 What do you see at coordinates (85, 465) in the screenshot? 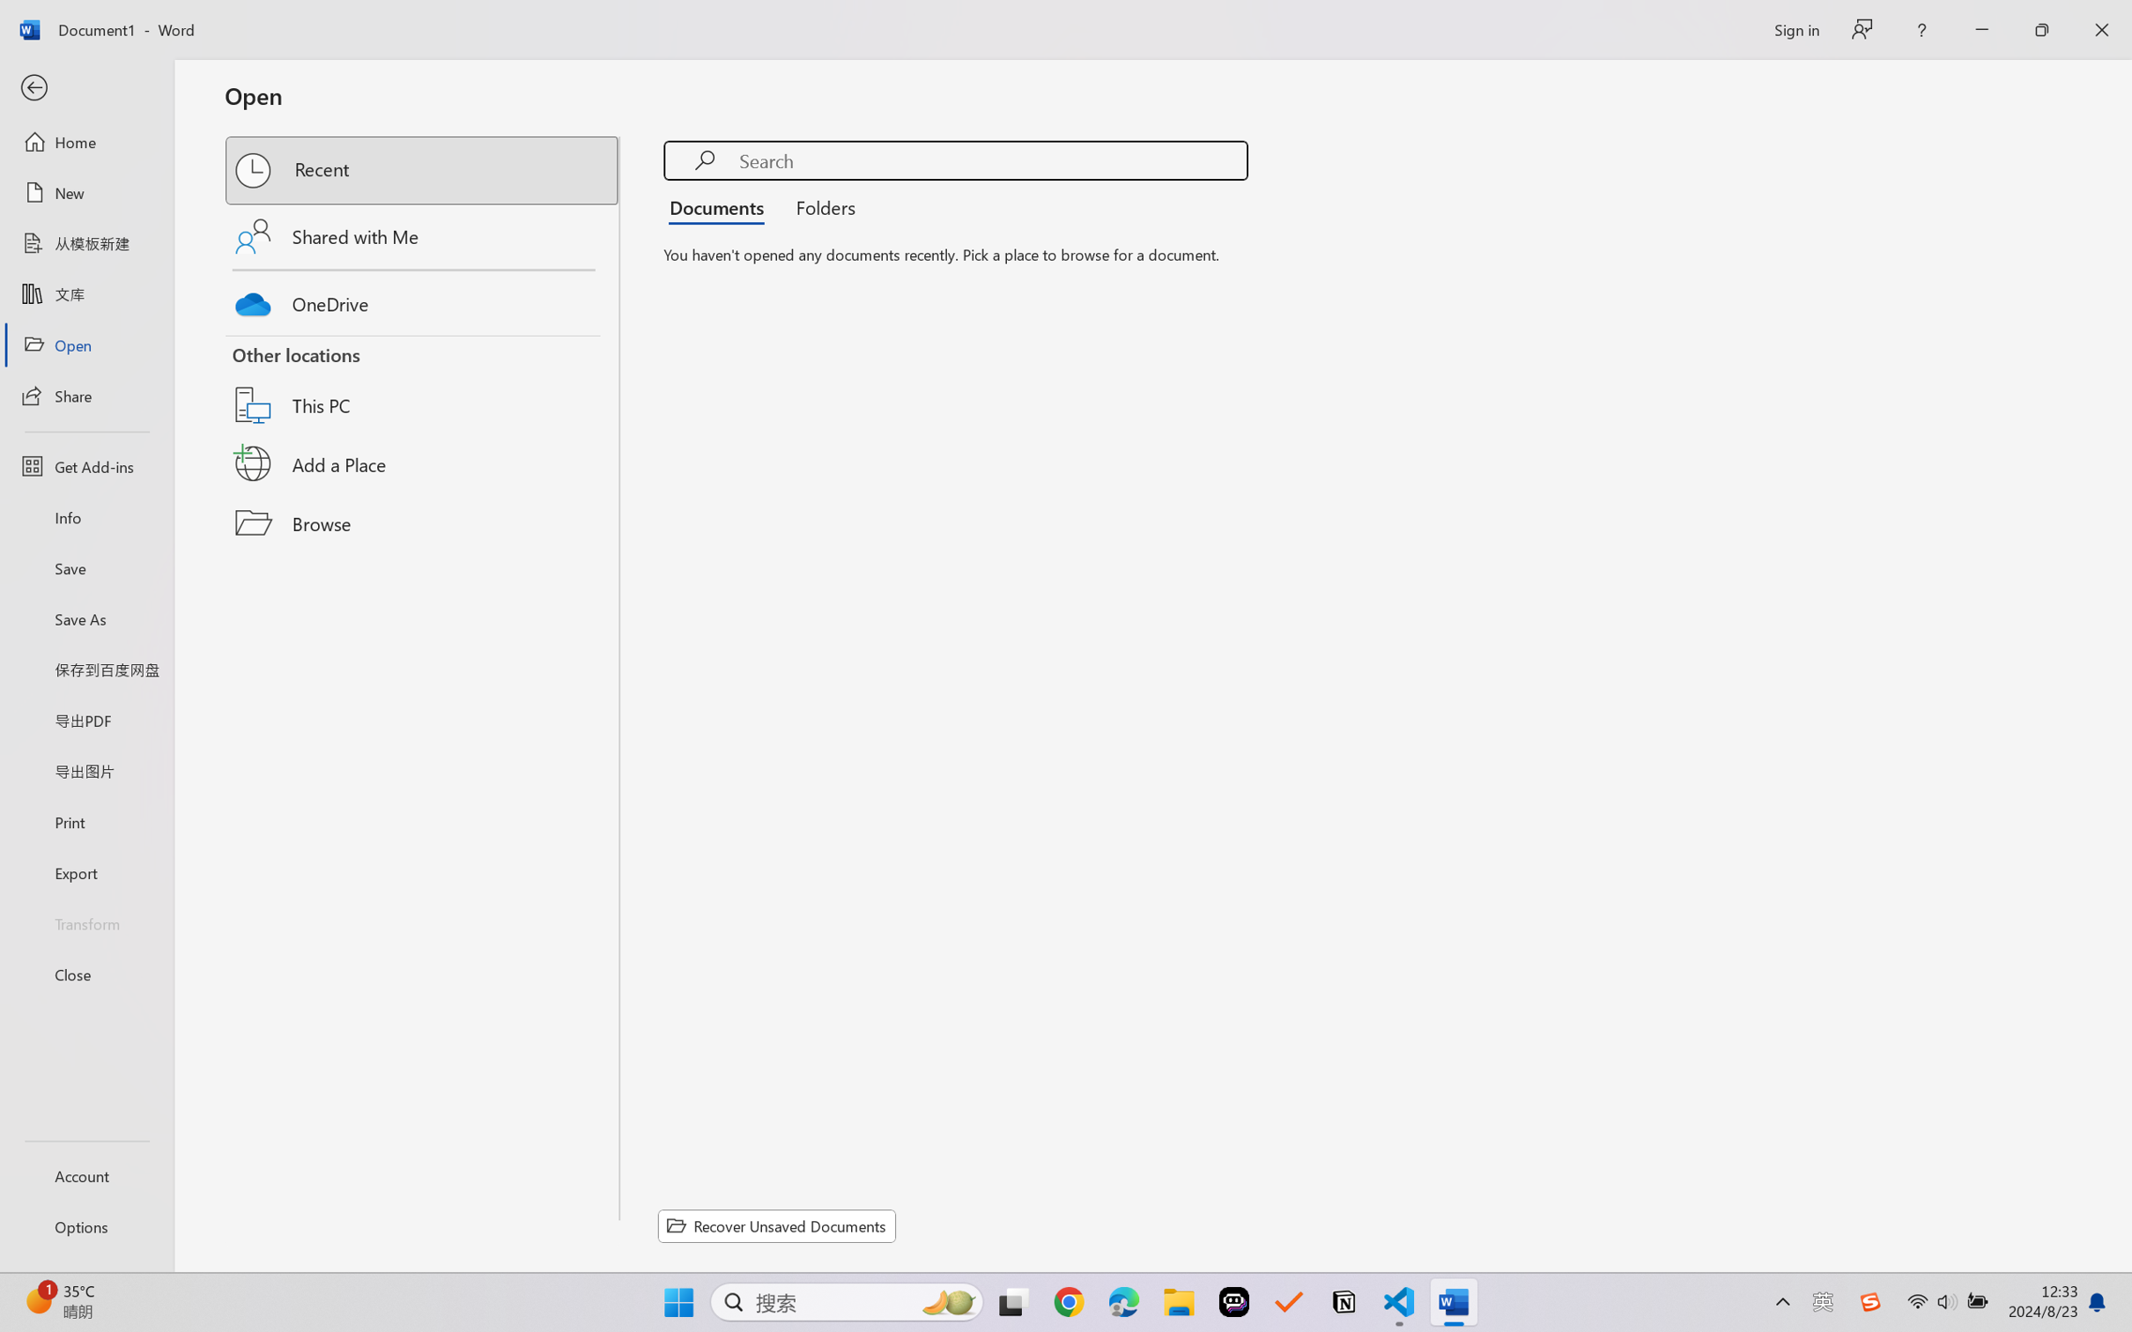
I see `'Get Add-ins'` at bounding box center [85, 465].